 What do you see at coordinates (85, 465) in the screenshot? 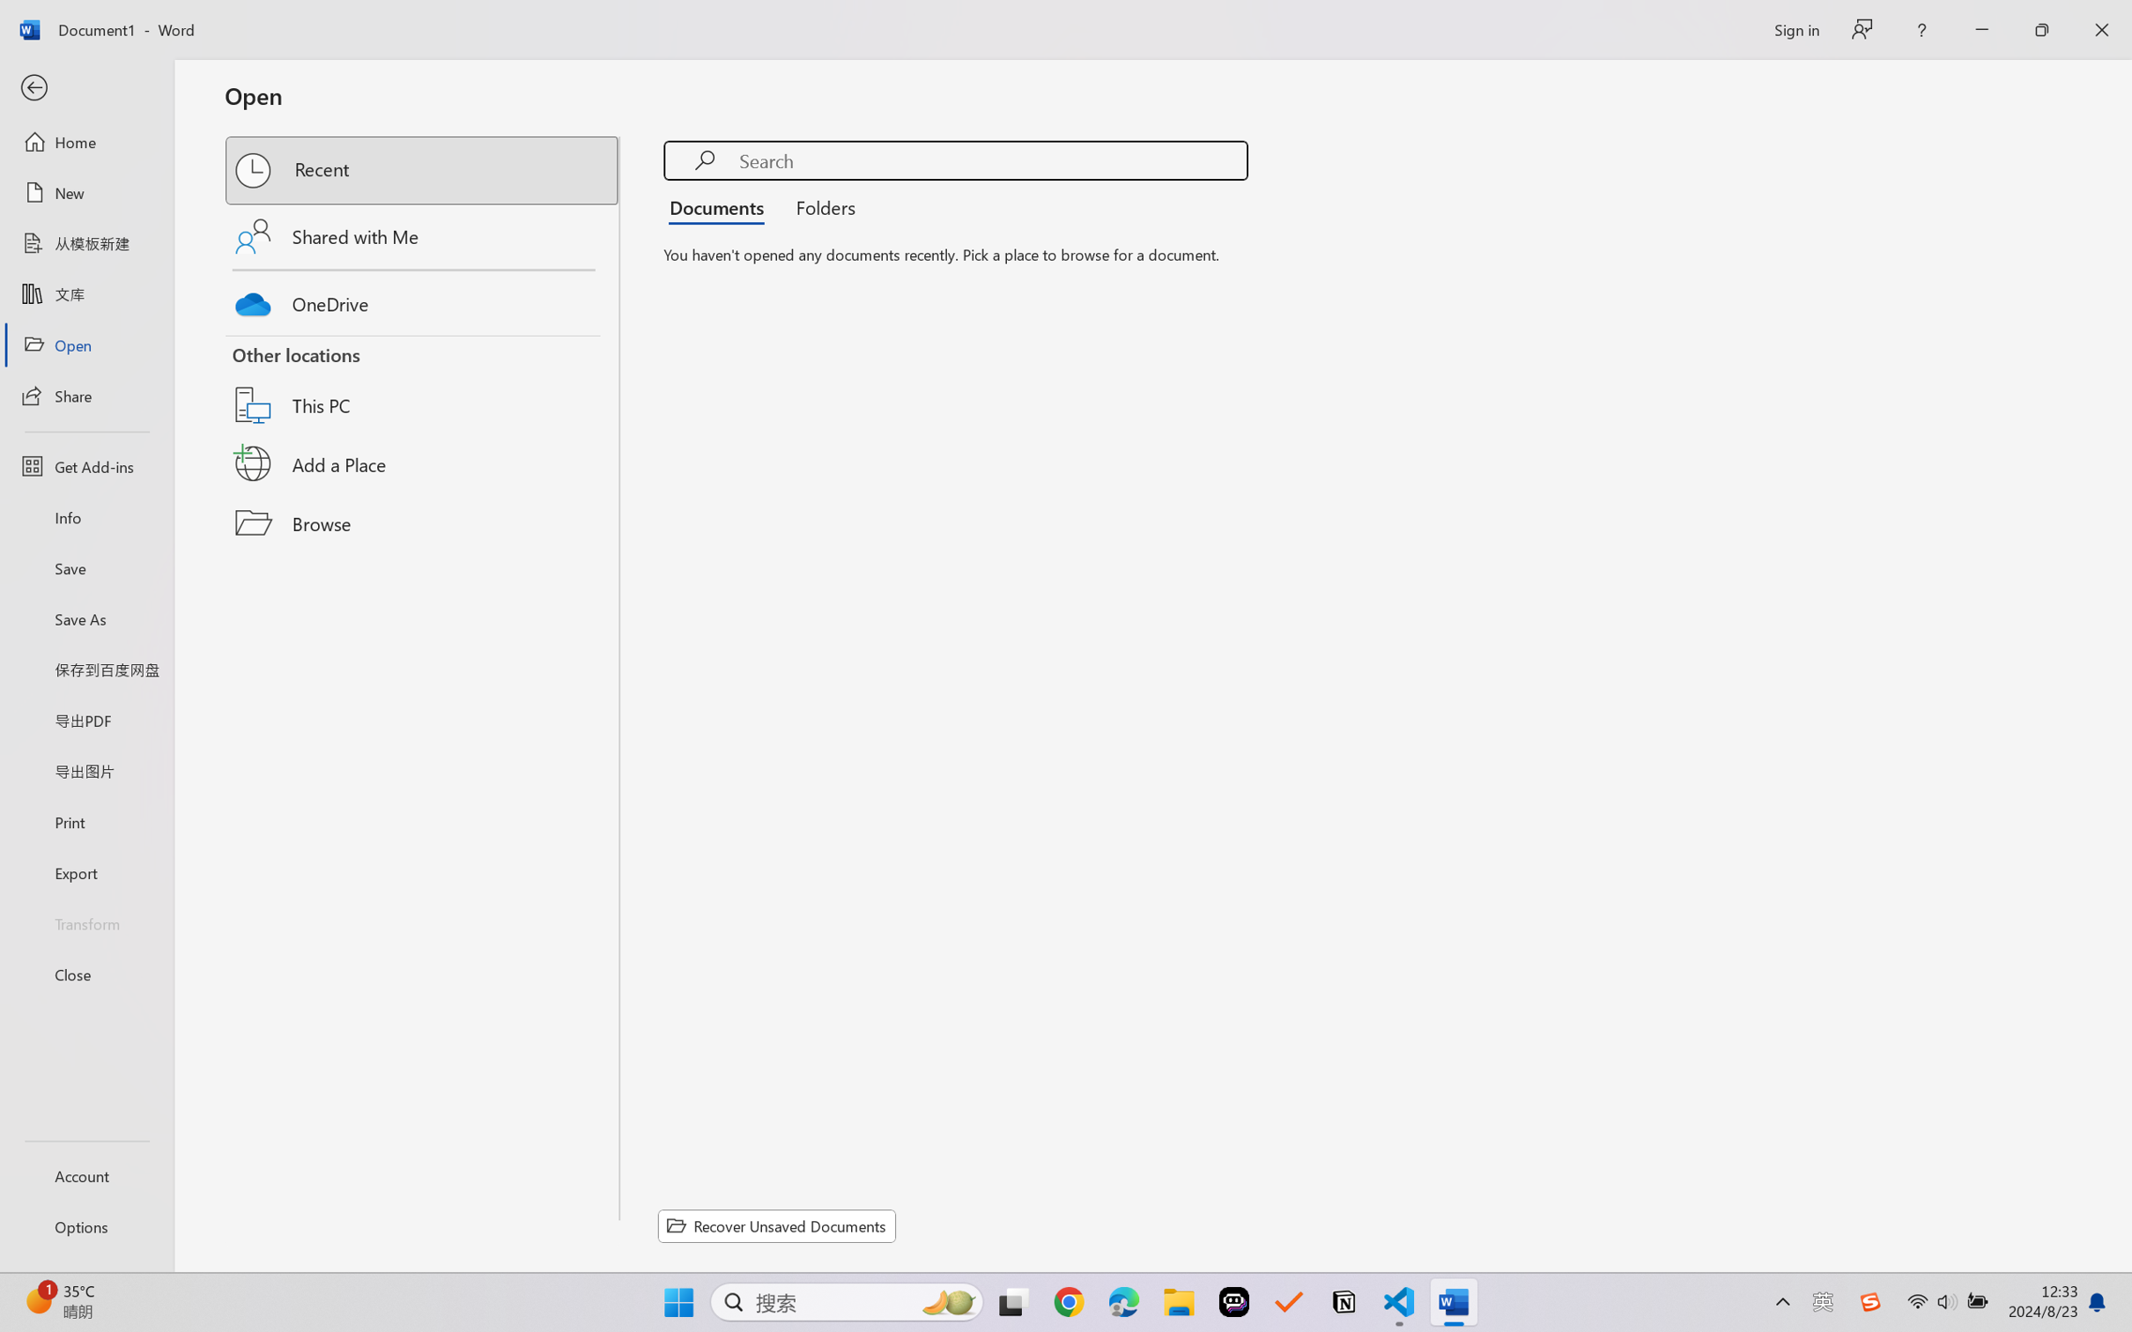
I see `'Get Add-ins'` at bounding box center [85, 465].